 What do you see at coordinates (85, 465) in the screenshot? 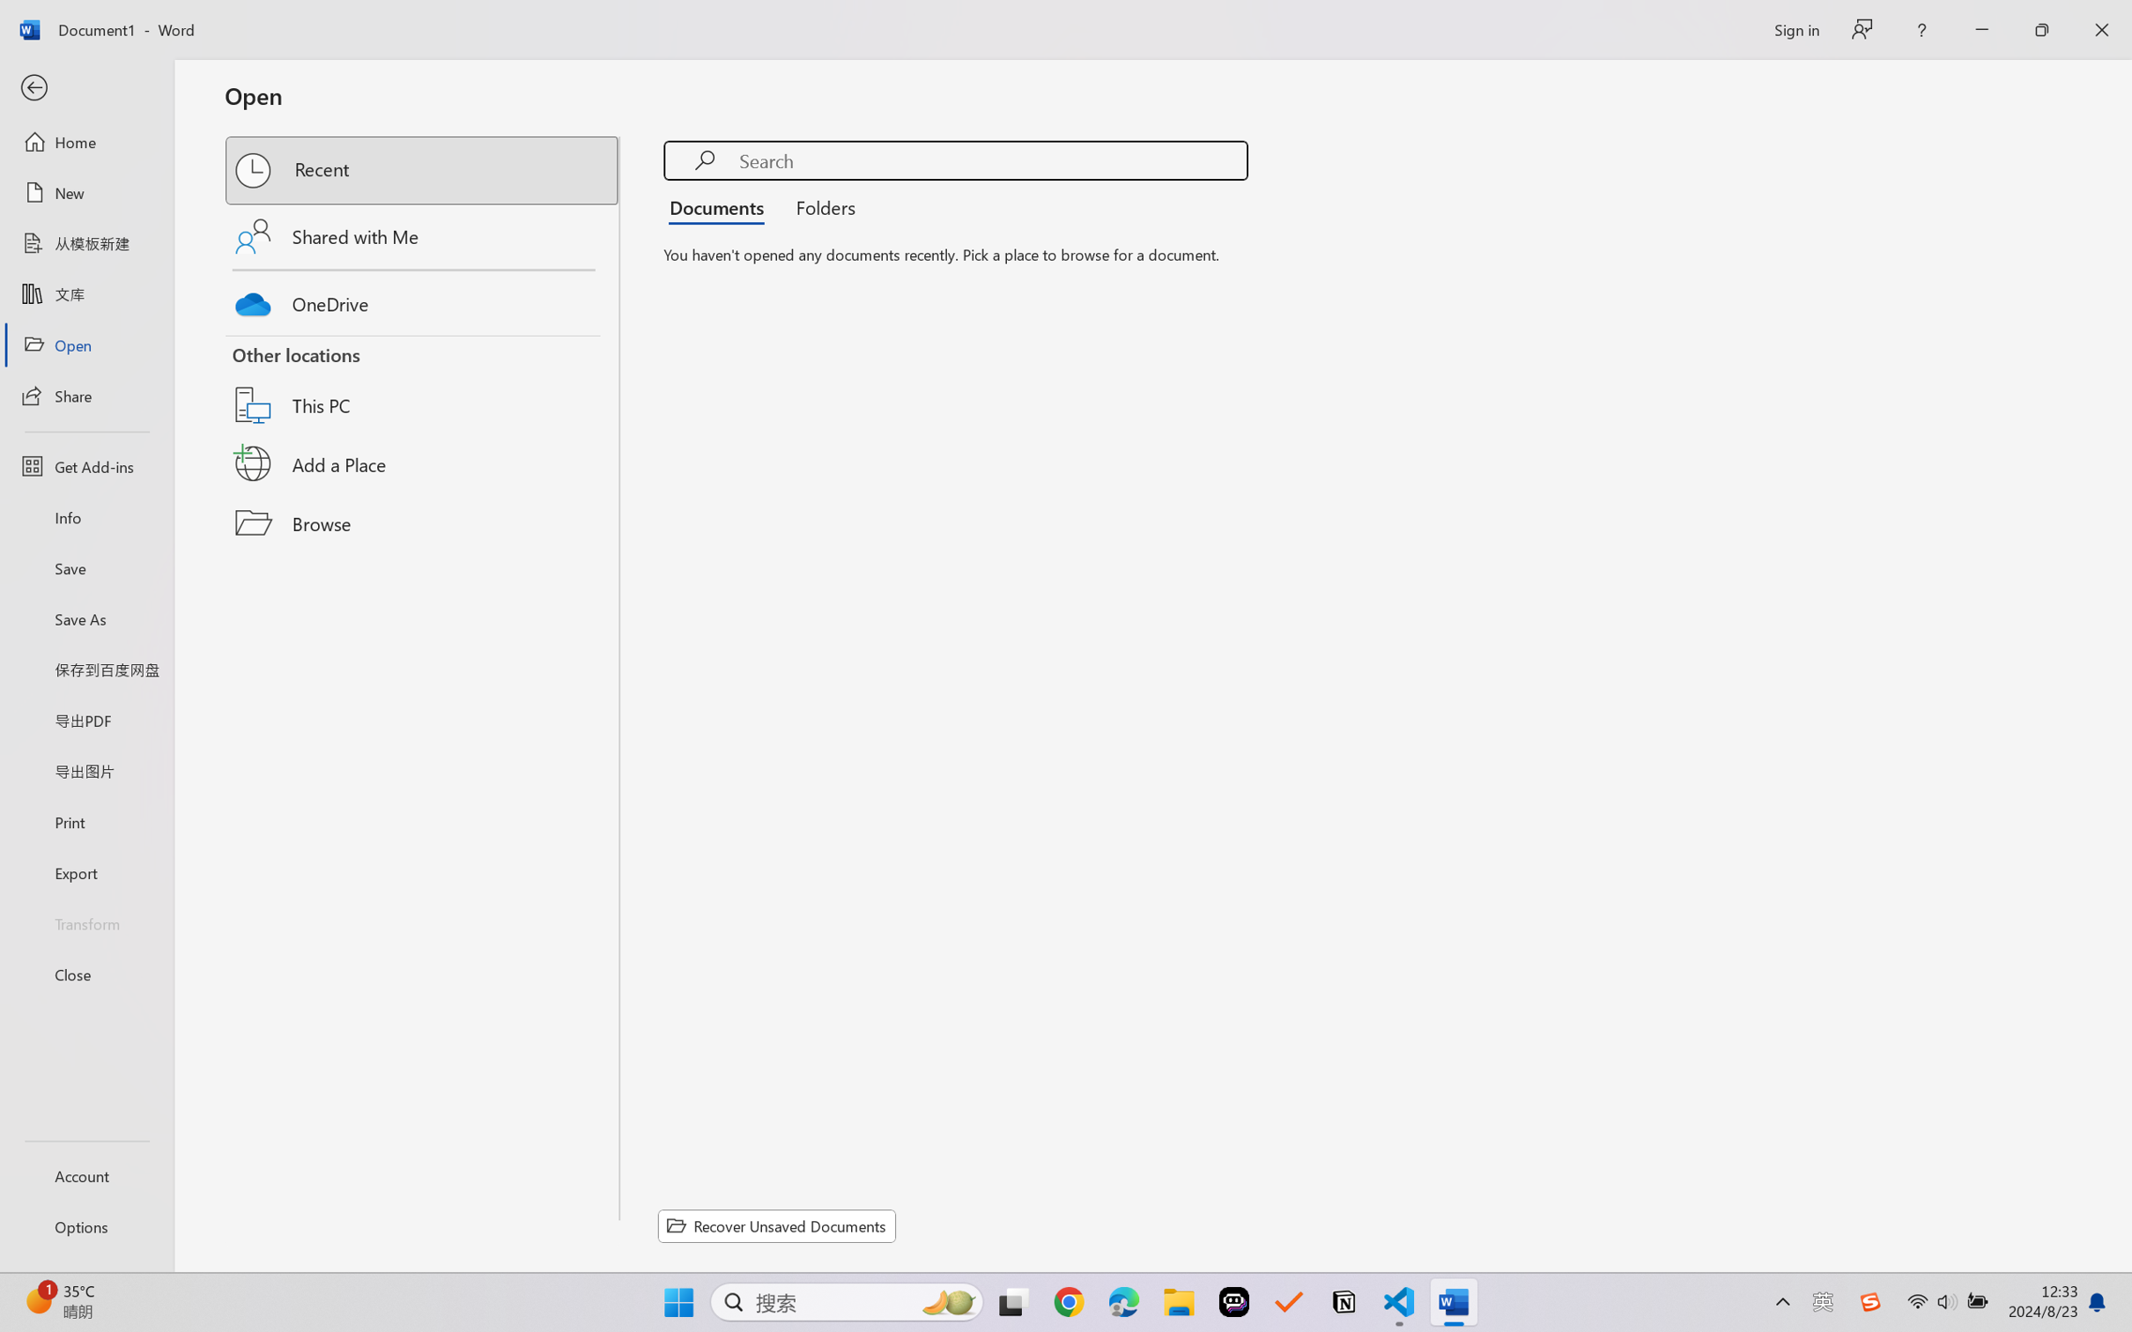
I see `'Get Add-ins'` at bounding box center [85, 465].